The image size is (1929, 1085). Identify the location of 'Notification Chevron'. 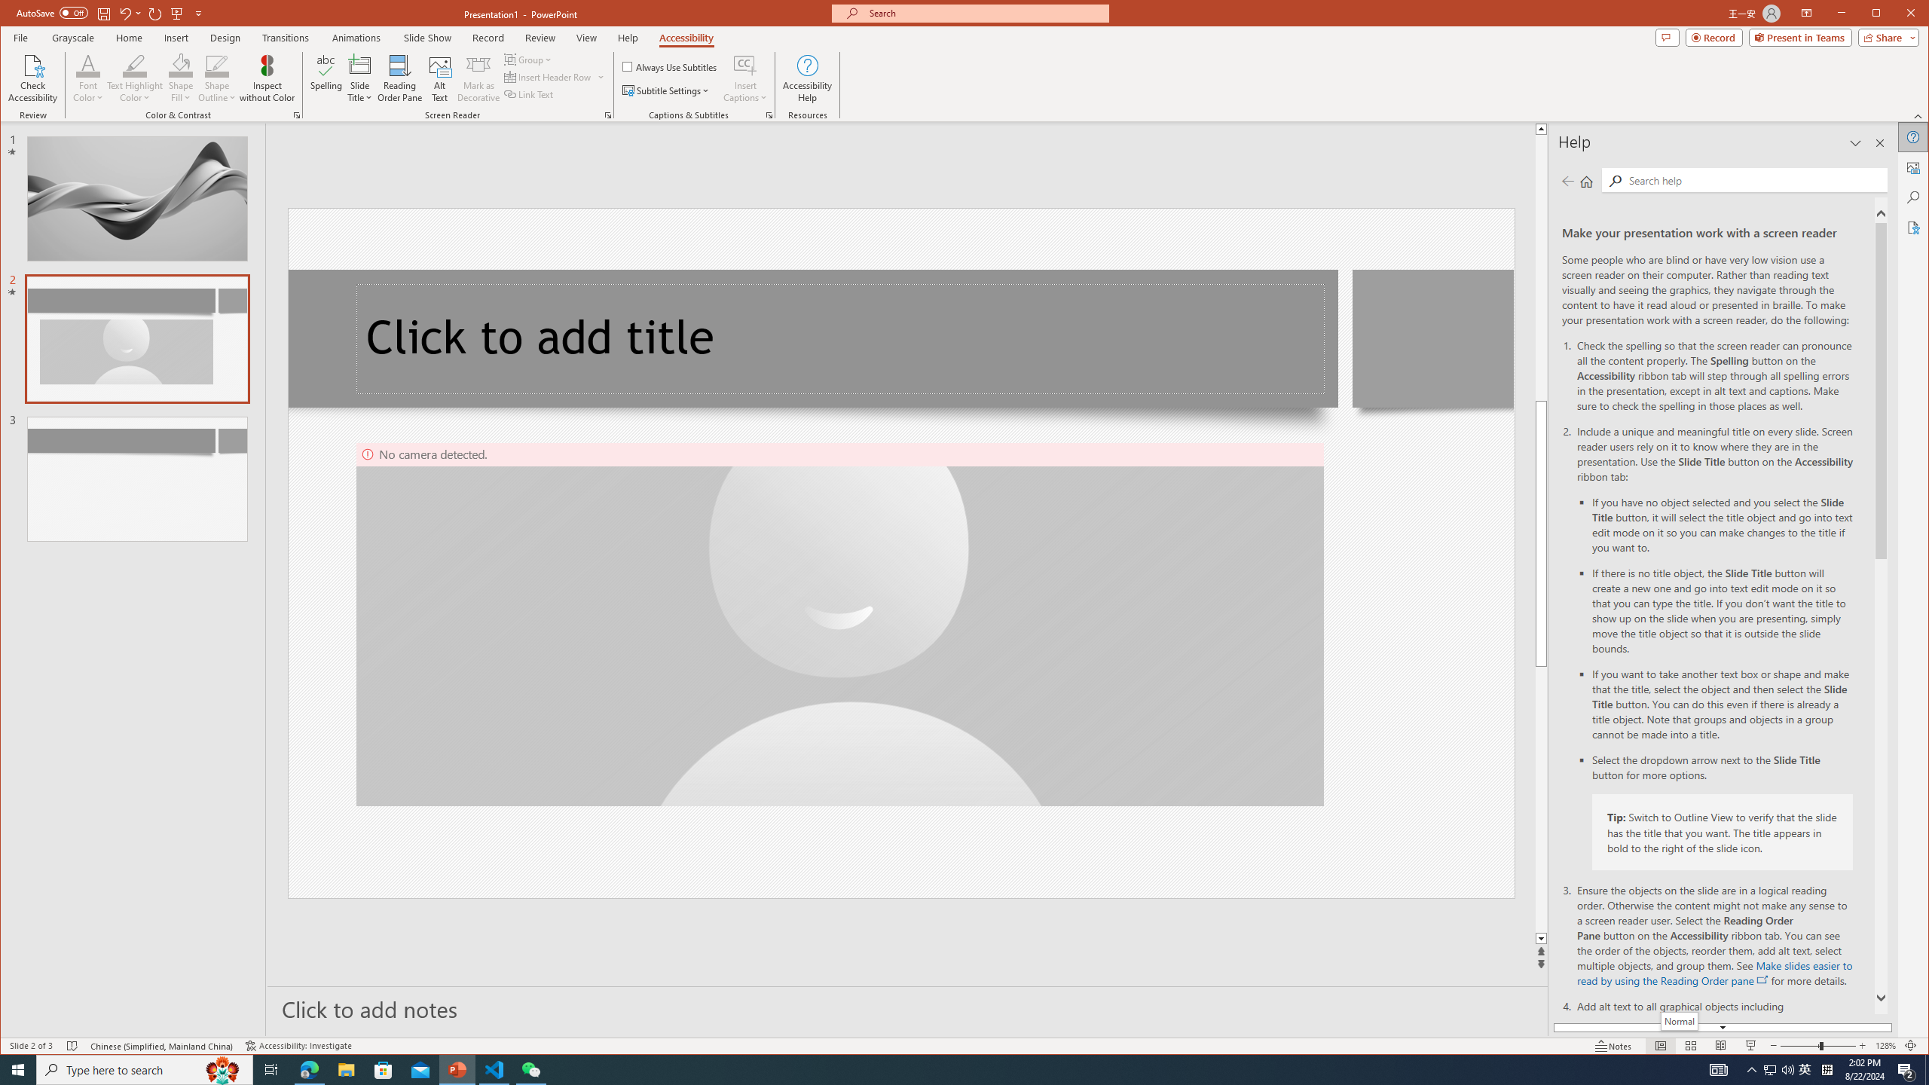
(1751, 1068).